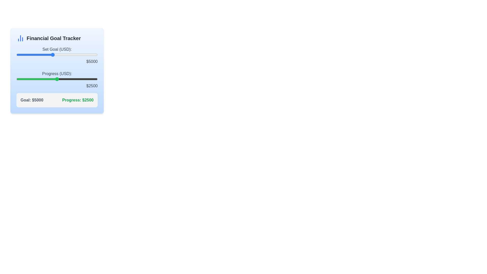  I want to click on the financial goal slider to 3329 USD, so click(37, 55).